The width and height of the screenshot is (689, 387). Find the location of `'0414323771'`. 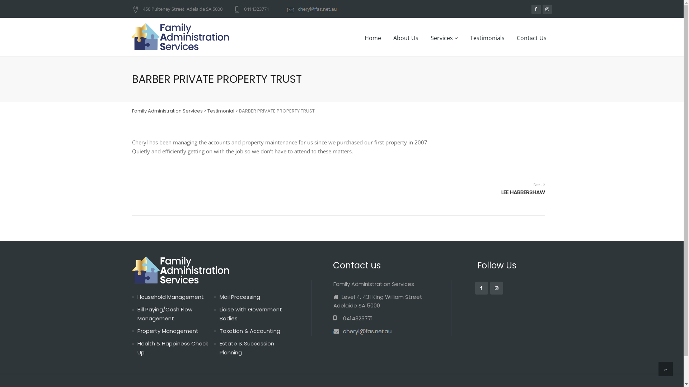

'0414323771' is located at coordinates (233, 8).